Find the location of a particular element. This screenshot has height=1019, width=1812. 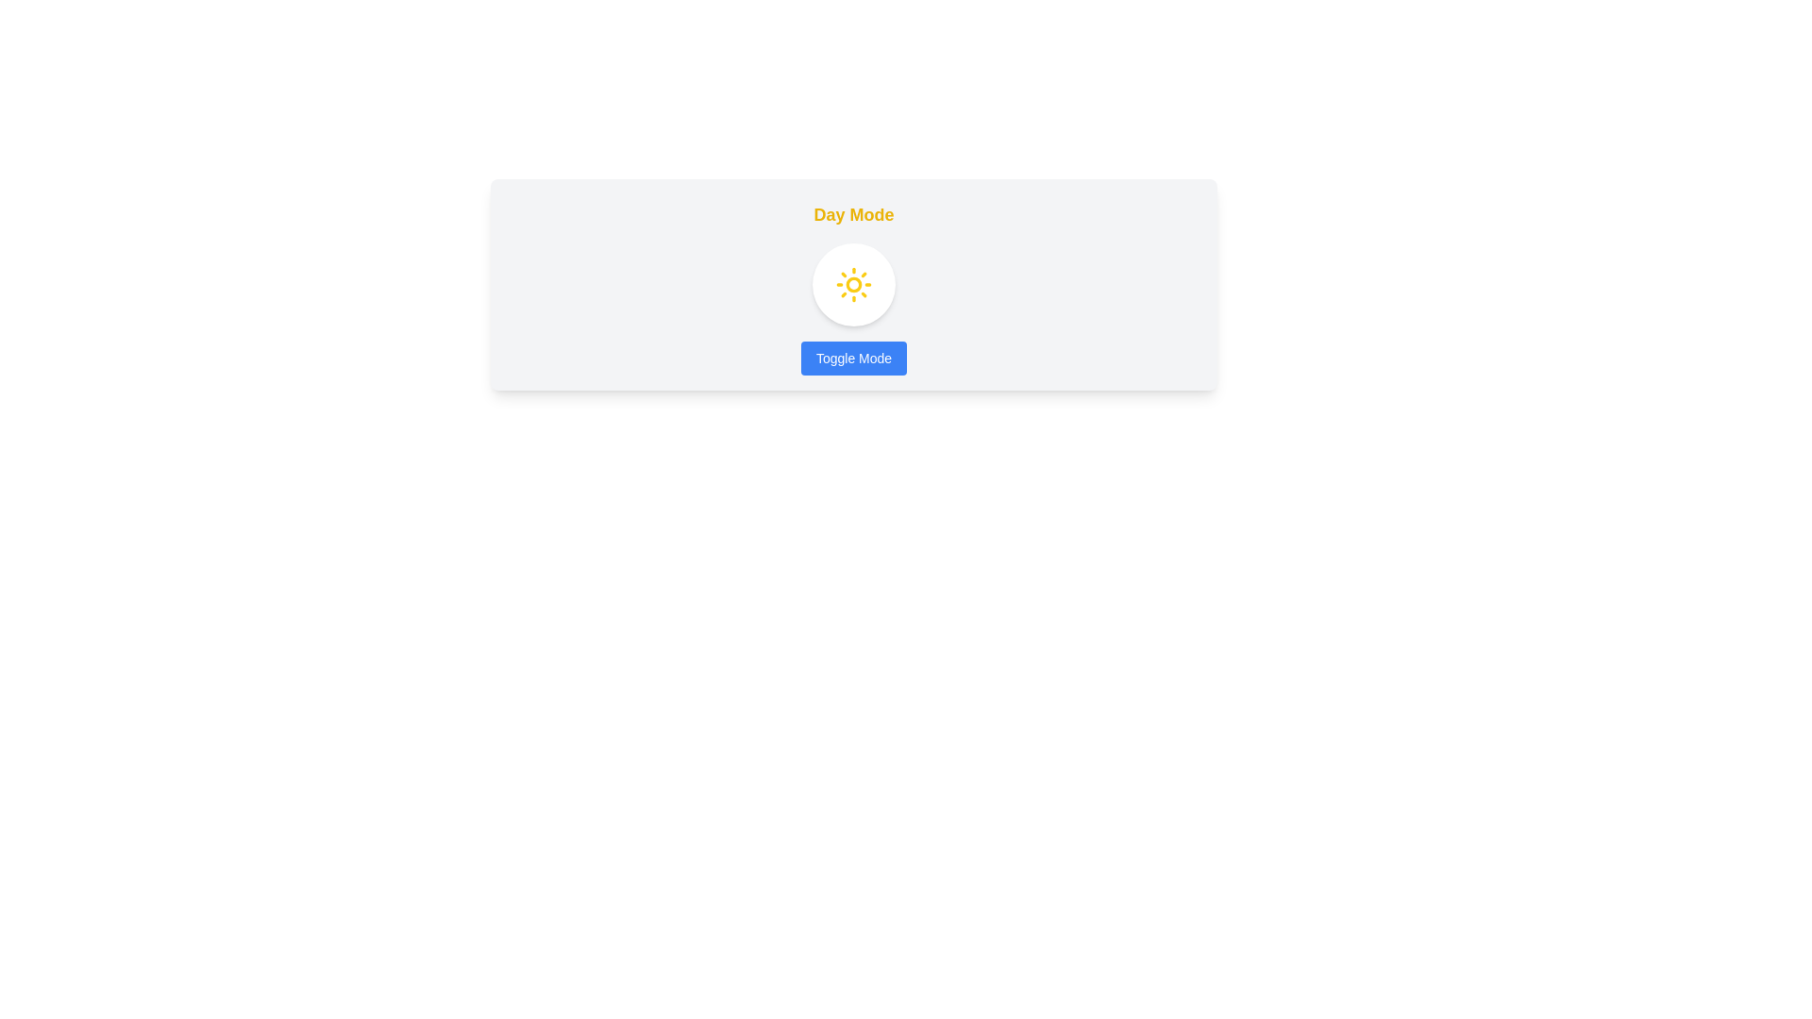

the 'Toggle Mode' button located at the bottom of the composite UI element which includes a 'Day Mode' label and a sun icon, to switch between day and night modes is located at coordinates (853, 284).